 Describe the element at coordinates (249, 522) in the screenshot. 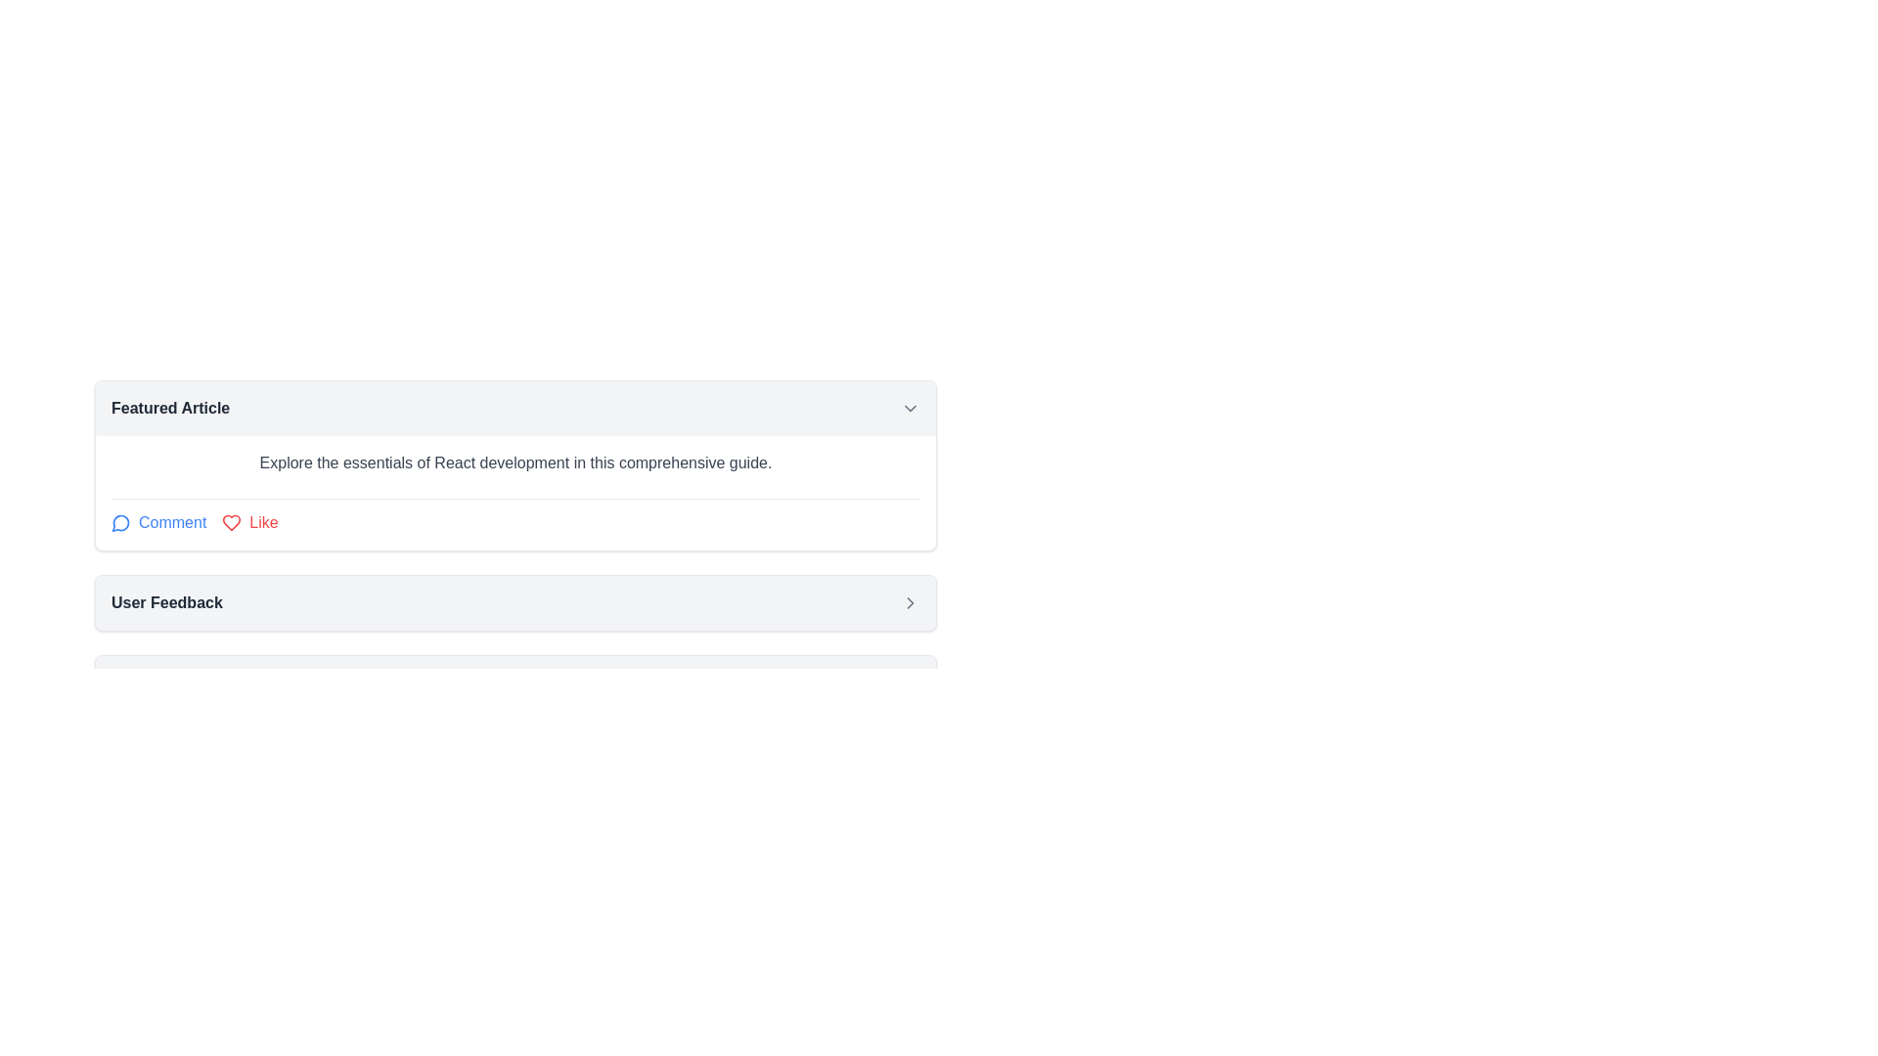

I see `the 'Like' button located to the right of the 'Comment' button underneath the article description to express a Like reaction` at that location.